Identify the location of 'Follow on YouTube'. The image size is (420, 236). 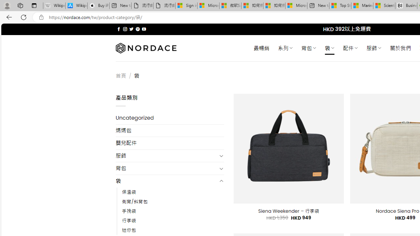
(144, 29).